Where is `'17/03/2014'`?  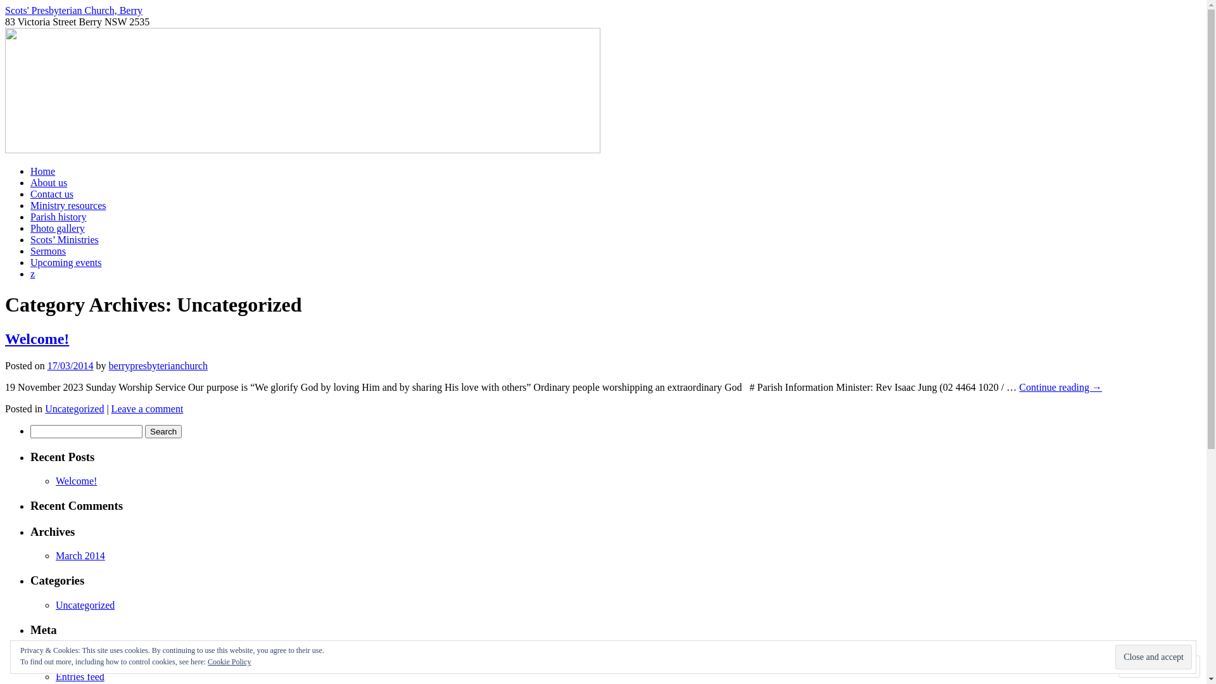
'17/03/2014' is located at coordinates (70, 365).